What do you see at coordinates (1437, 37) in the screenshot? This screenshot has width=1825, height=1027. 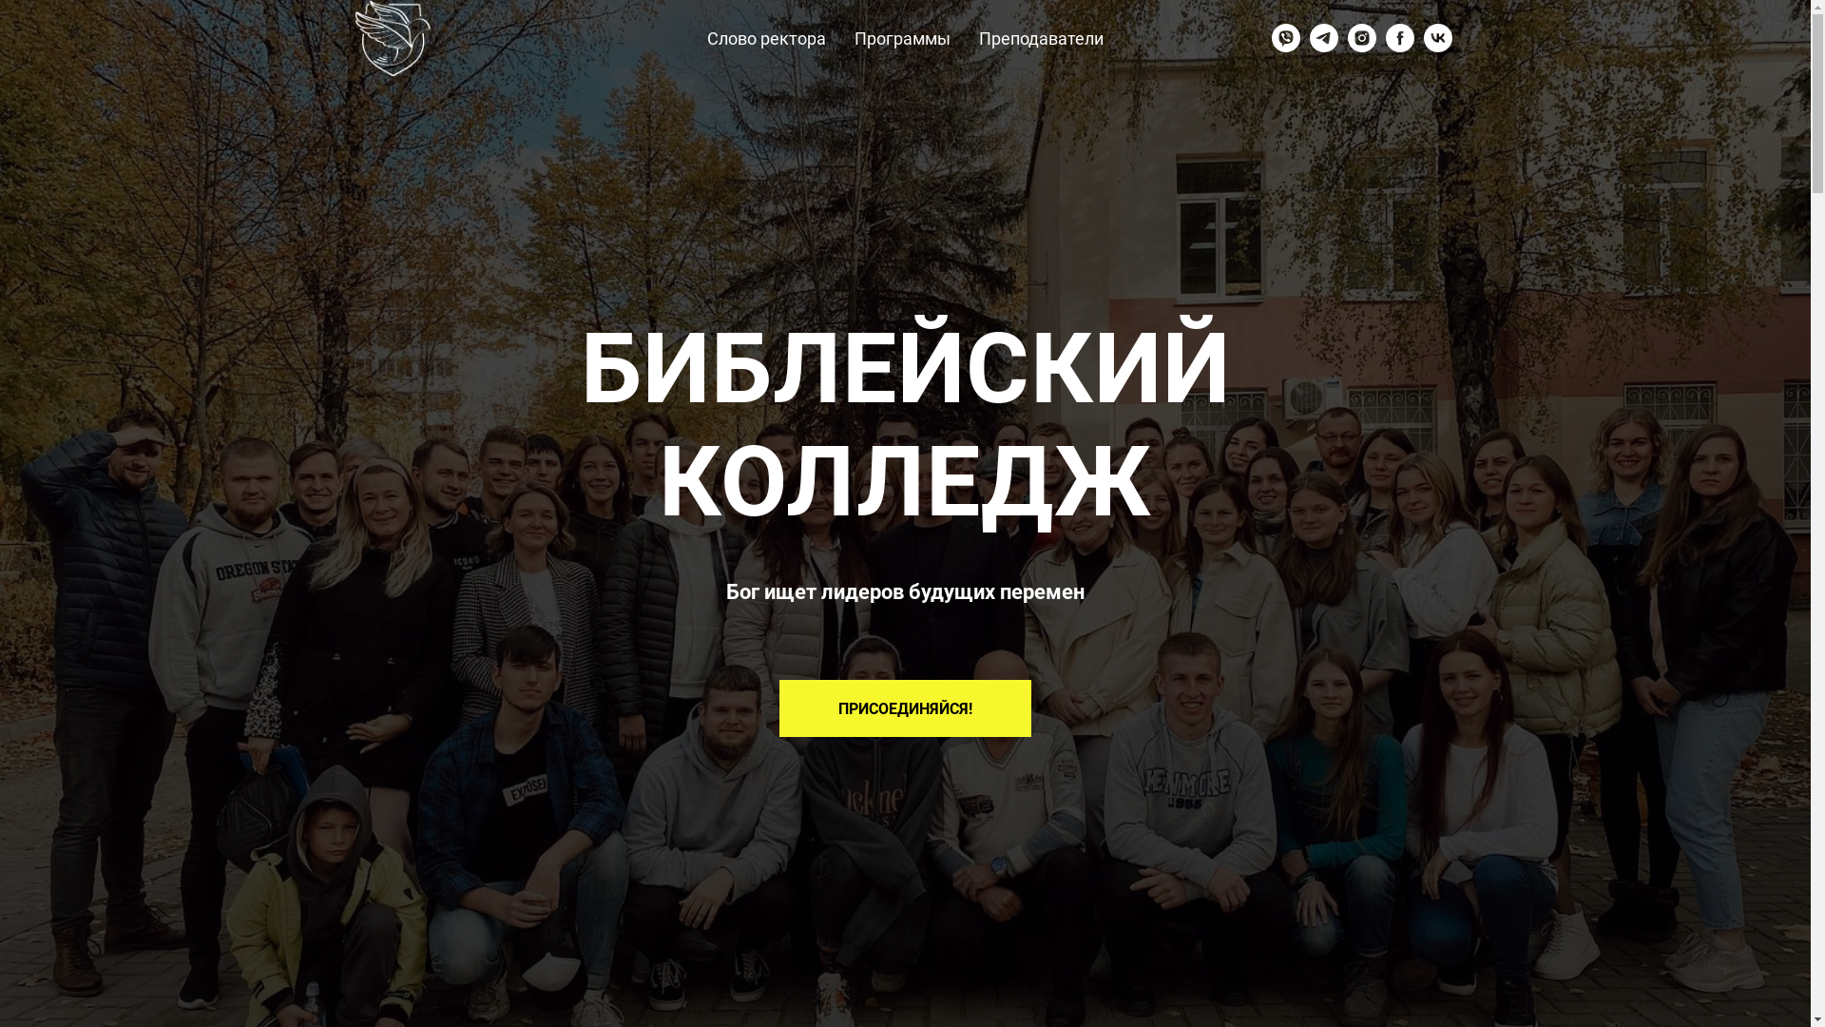 I see `'VK'` at bounding box center [1437, 37].